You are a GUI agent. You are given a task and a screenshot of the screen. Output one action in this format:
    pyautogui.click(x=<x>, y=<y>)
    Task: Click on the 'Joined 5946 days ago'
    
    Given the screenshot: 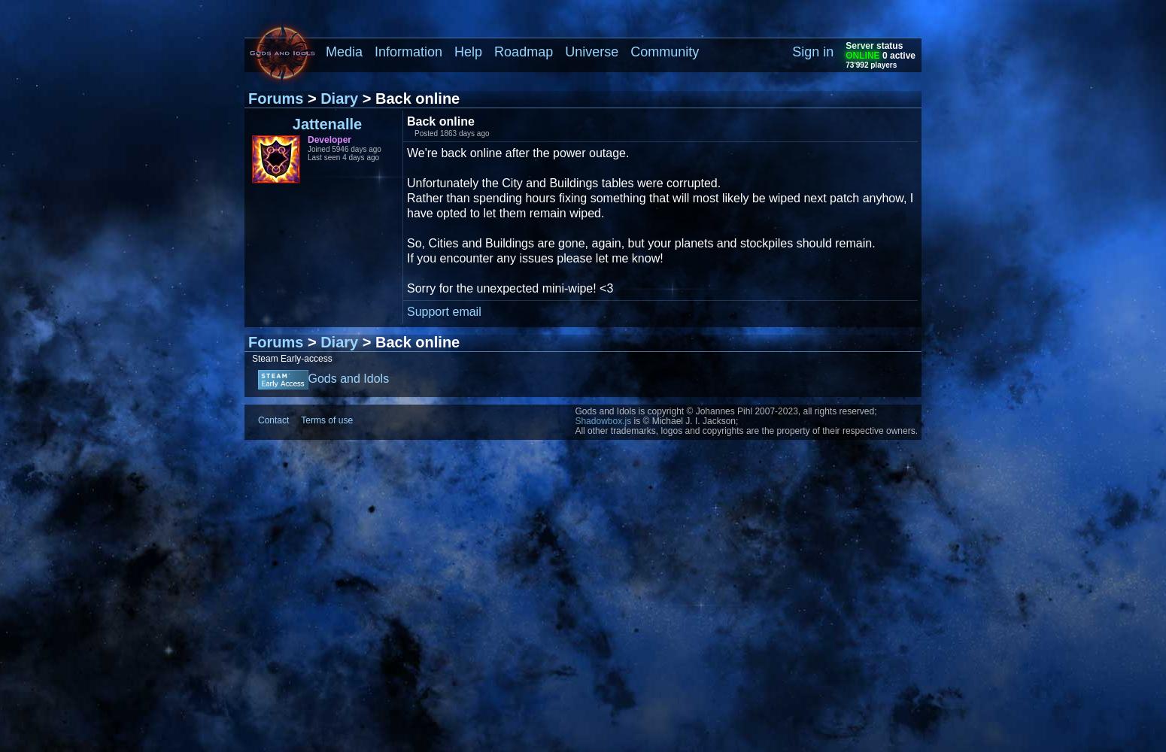 What is the action you would take?
    pyautogui.click(x=344, y=148)
    